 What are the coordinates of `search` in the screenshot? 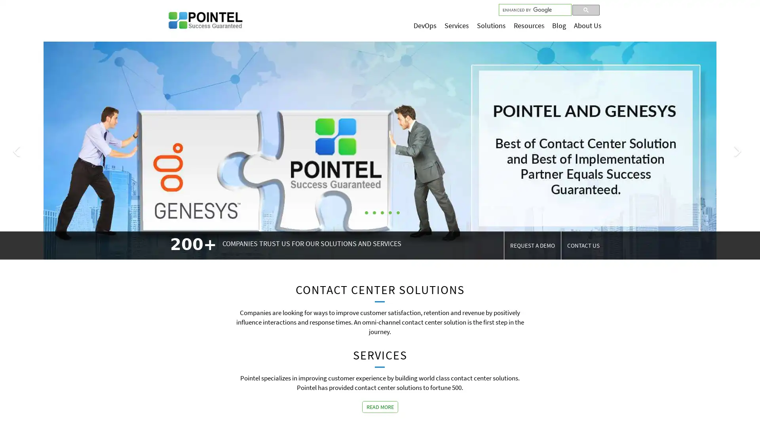 It's located at (586, 10).